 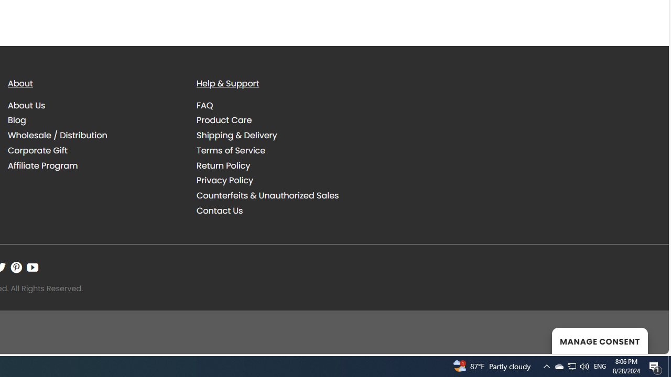 What do you see at coordinates (223, 165) in the screenshot?
I see `'Return Policy'` at bounding box center [223, 165].